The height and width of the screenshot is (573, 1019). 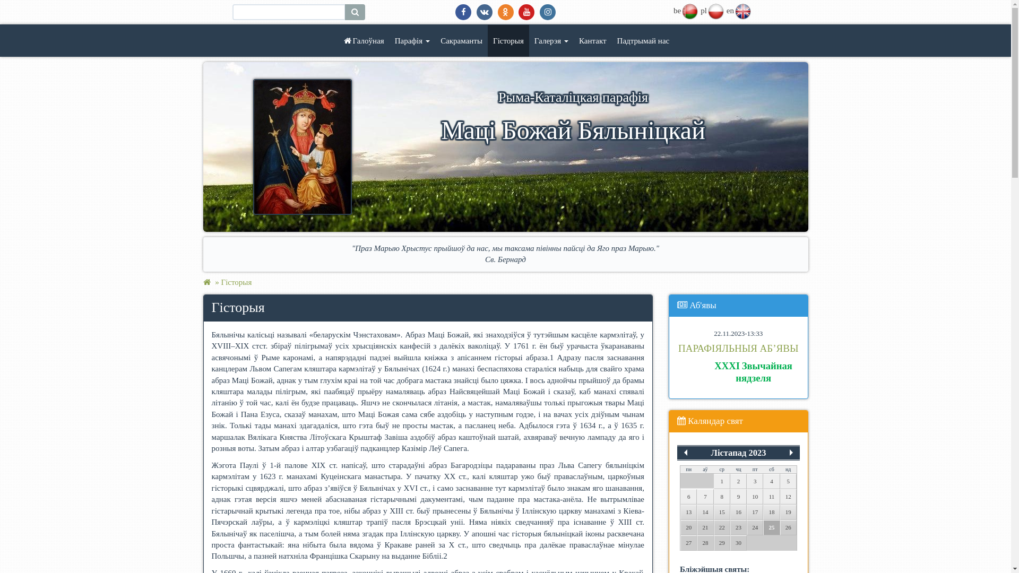 What do you see at coordinates (688, 527) in the screenshot?
I see `'20'` at bounding box center [688, 527].